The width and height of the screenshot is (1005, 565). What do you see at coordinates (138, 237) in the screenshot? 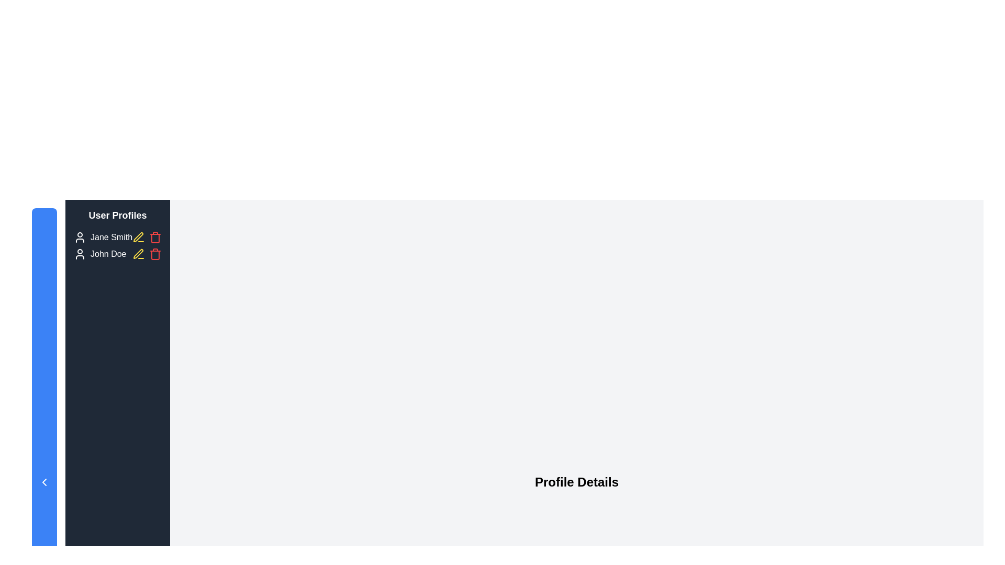
I see `the pencil-shaped icon with a yellow outline next to 'John Doe'` at bounding box center [138, 237].